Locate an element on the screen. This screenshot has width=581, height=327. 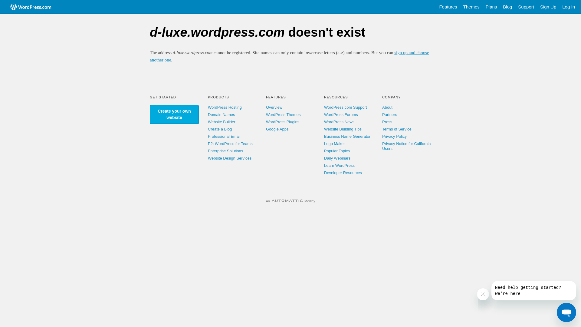
'Privacy Notice for California Users' is located at coordinates (406, 146).